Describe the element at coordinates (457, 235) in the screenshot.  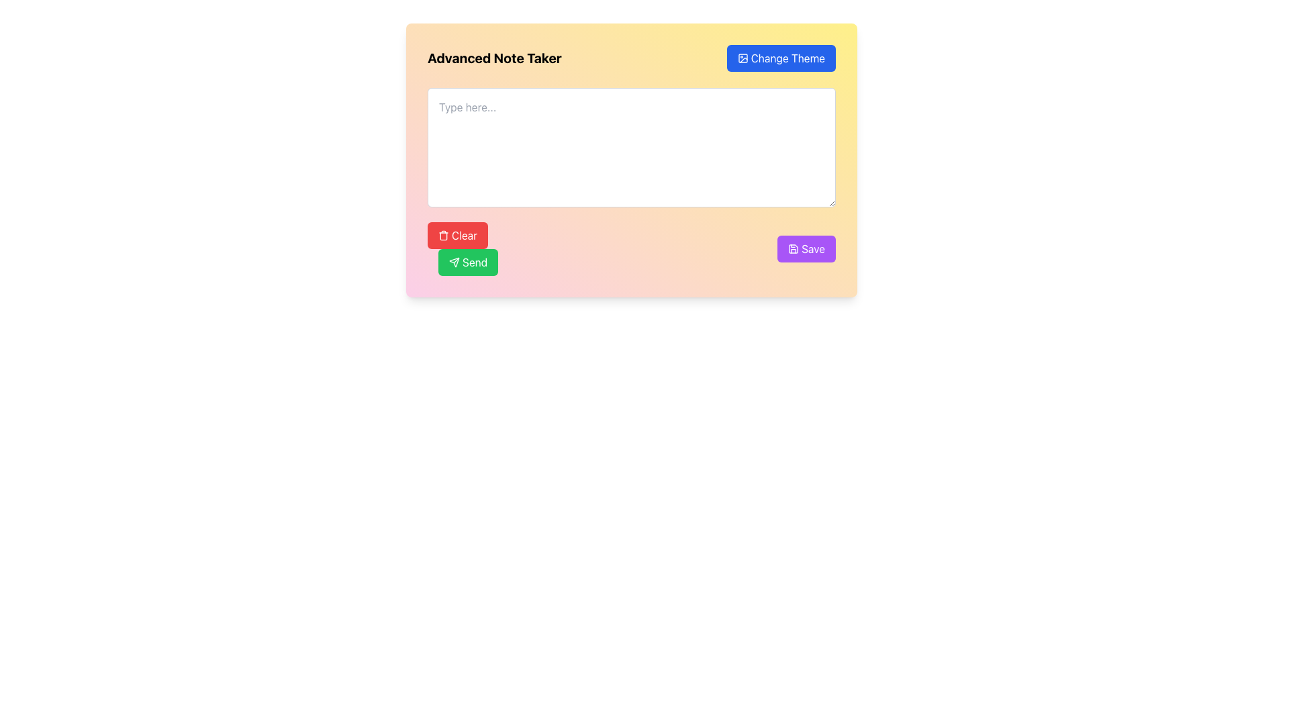
I see `the 'Clear' button with a red background and white text, located below the text input field and to the left of the green 'Send' button` at that location.